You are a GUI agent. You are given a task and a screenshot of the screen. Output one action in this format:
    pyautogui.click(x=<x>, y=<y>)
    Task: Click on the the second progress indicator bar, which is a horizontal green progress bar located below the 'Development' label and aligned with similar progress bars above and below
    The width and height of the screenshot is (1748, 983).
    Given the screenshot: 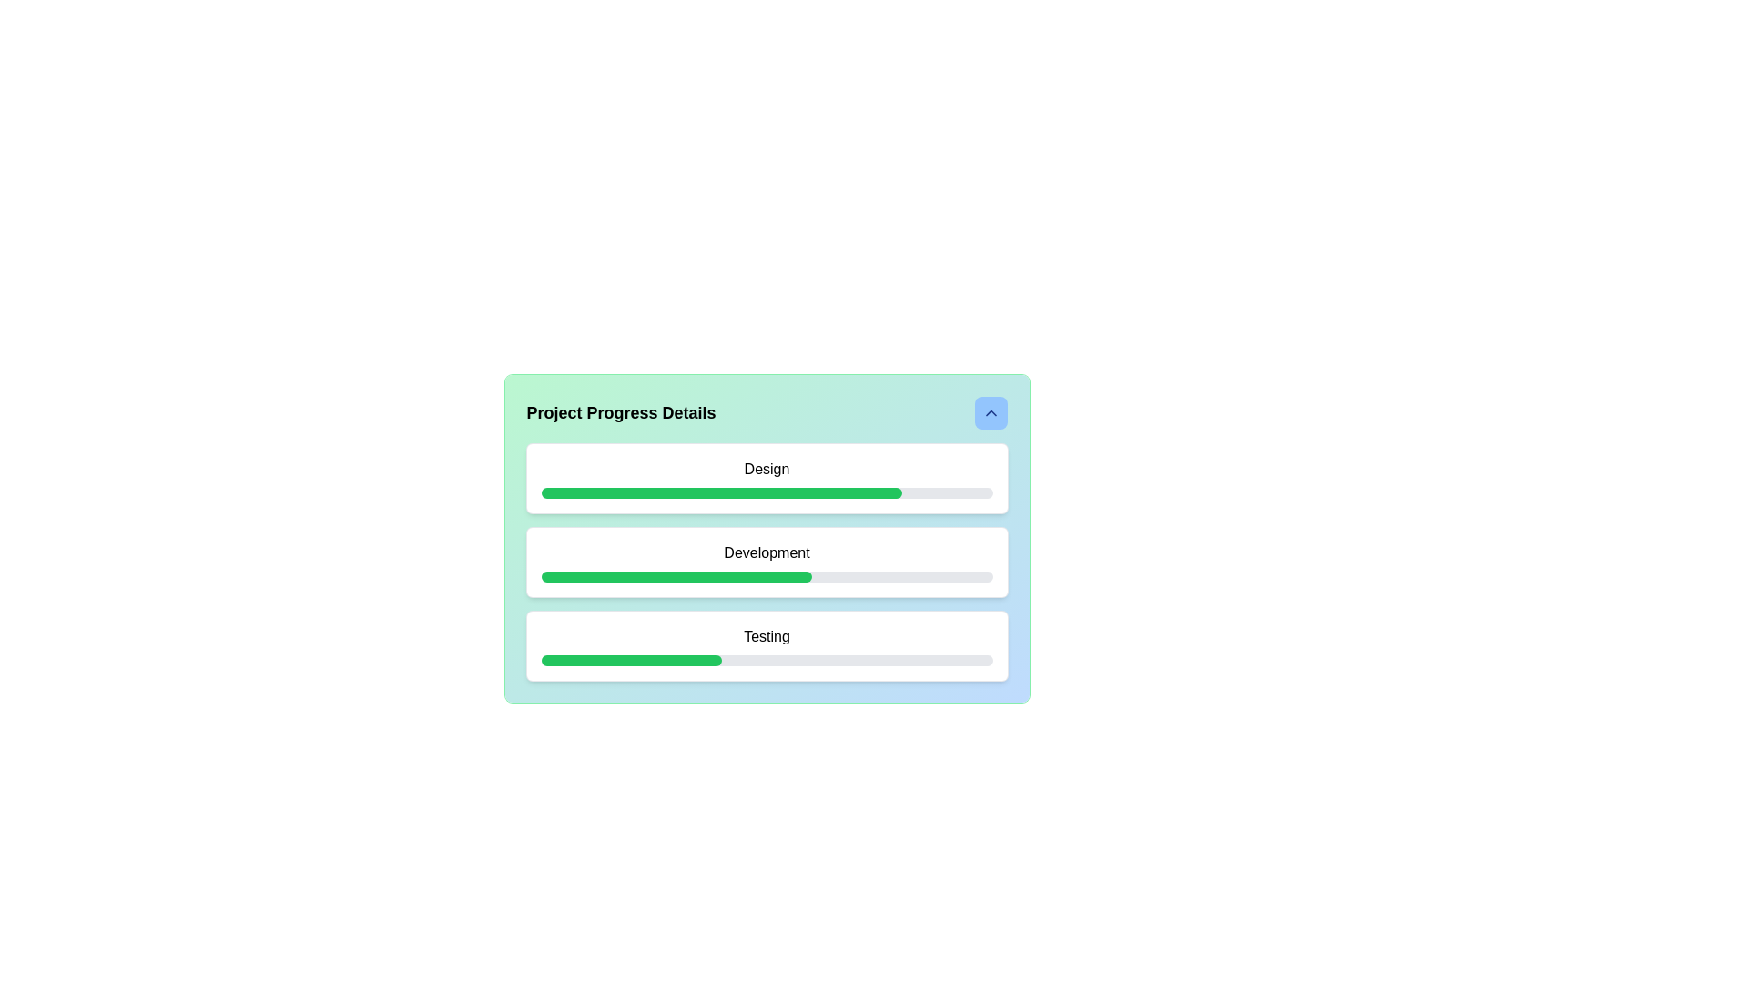 What is the action you would take?
    pyautogui.click(x=676, y=576)
    